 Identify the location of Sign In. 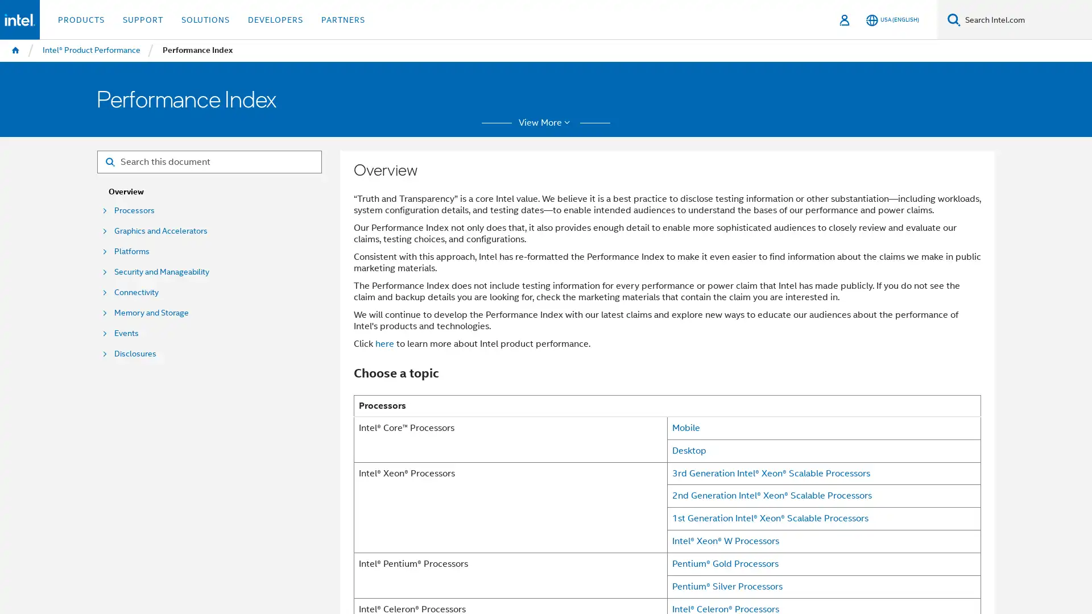
(844, 19).